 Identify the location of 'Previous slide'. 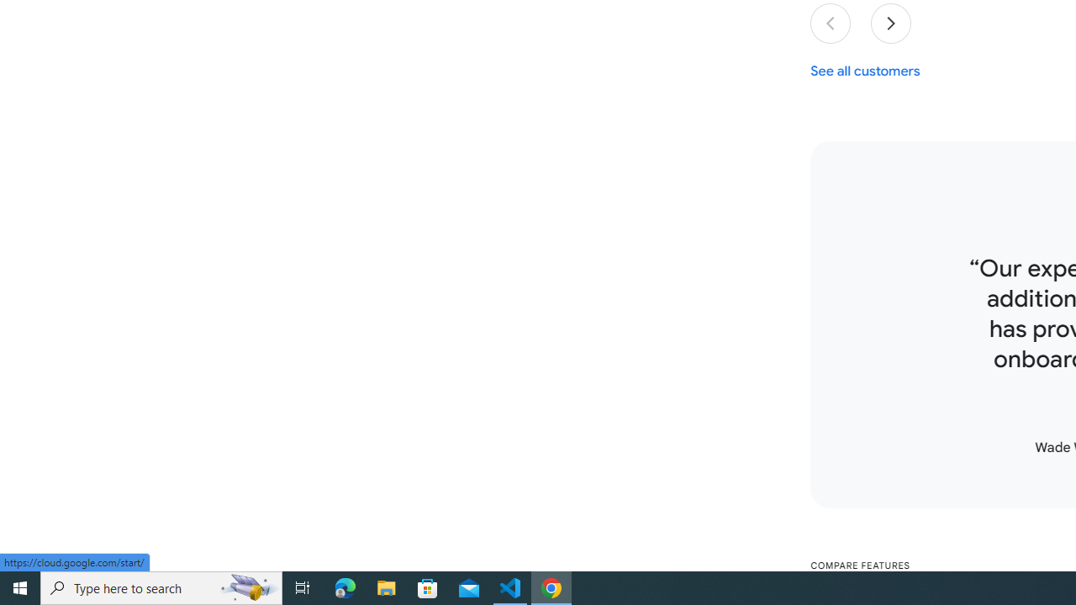
(831, 24).